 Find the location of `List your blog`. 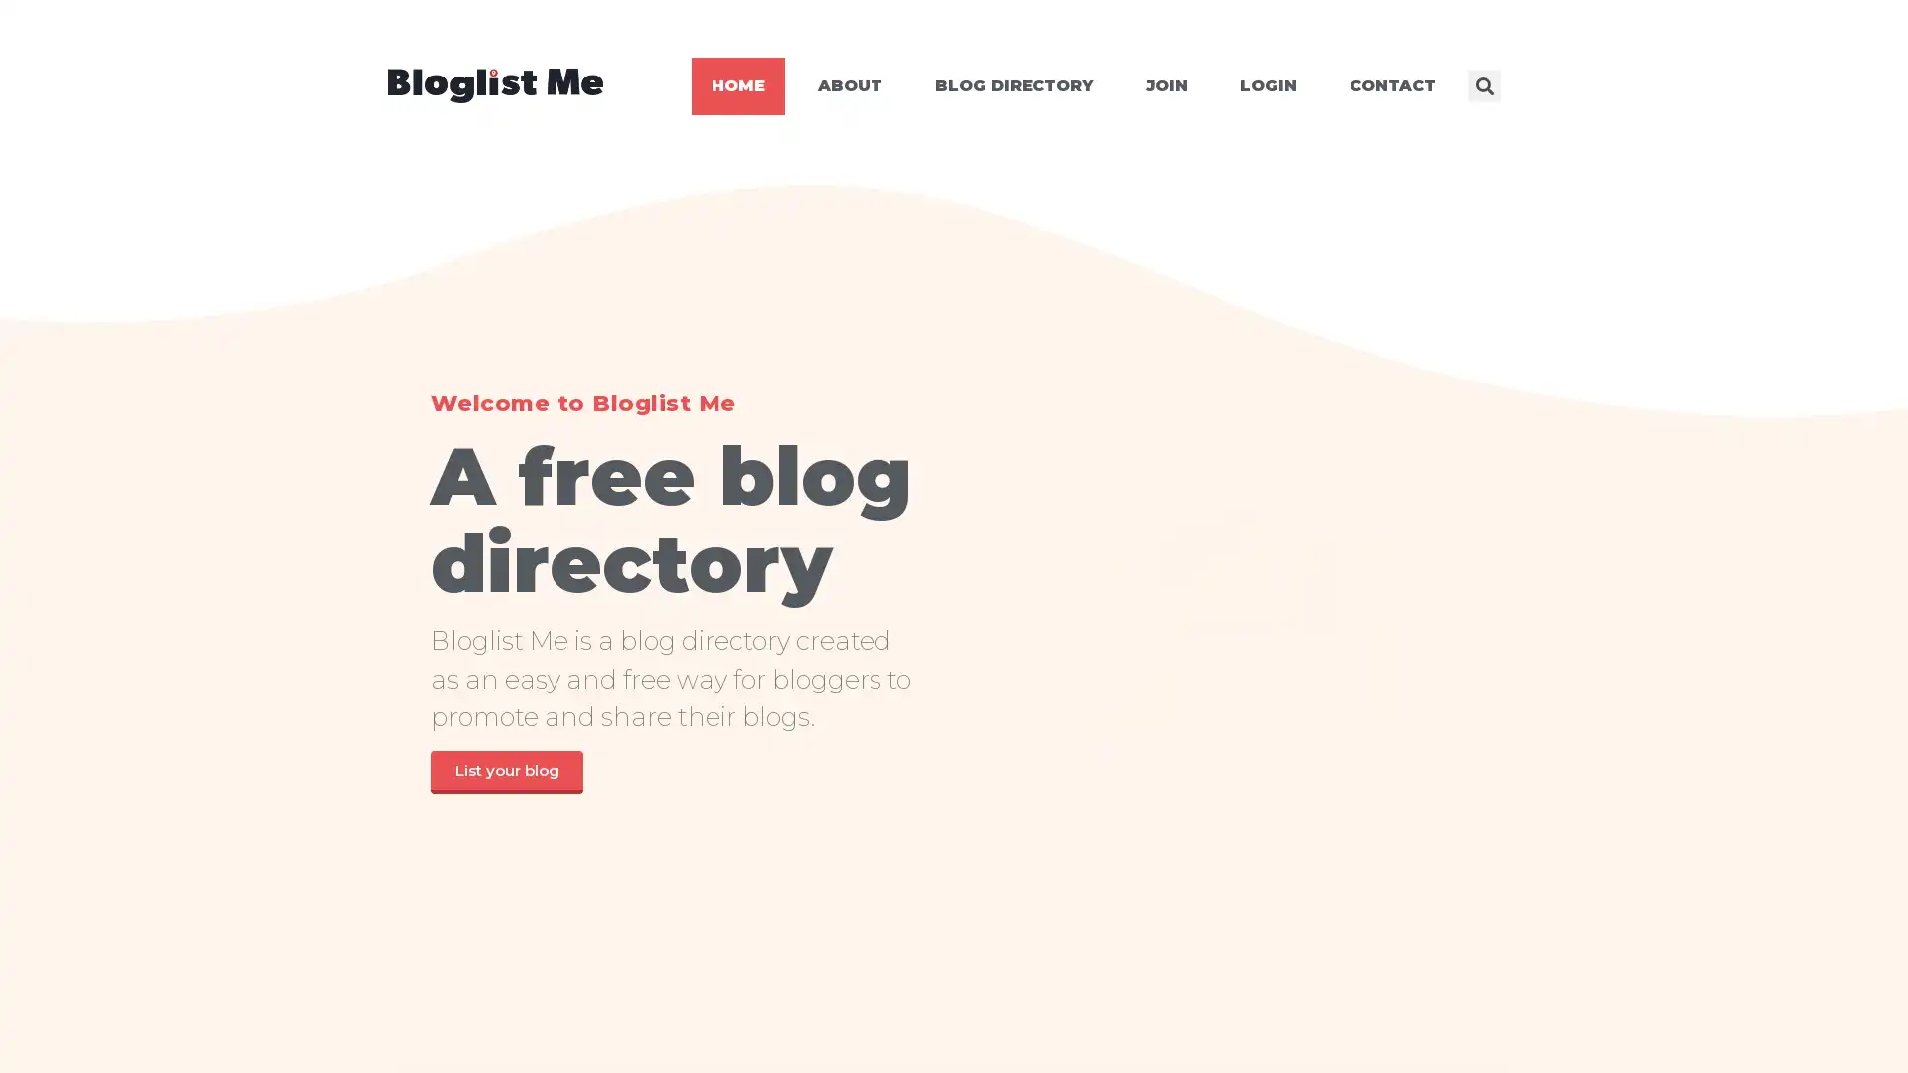

List your blog is located at coordinates (506, 770).